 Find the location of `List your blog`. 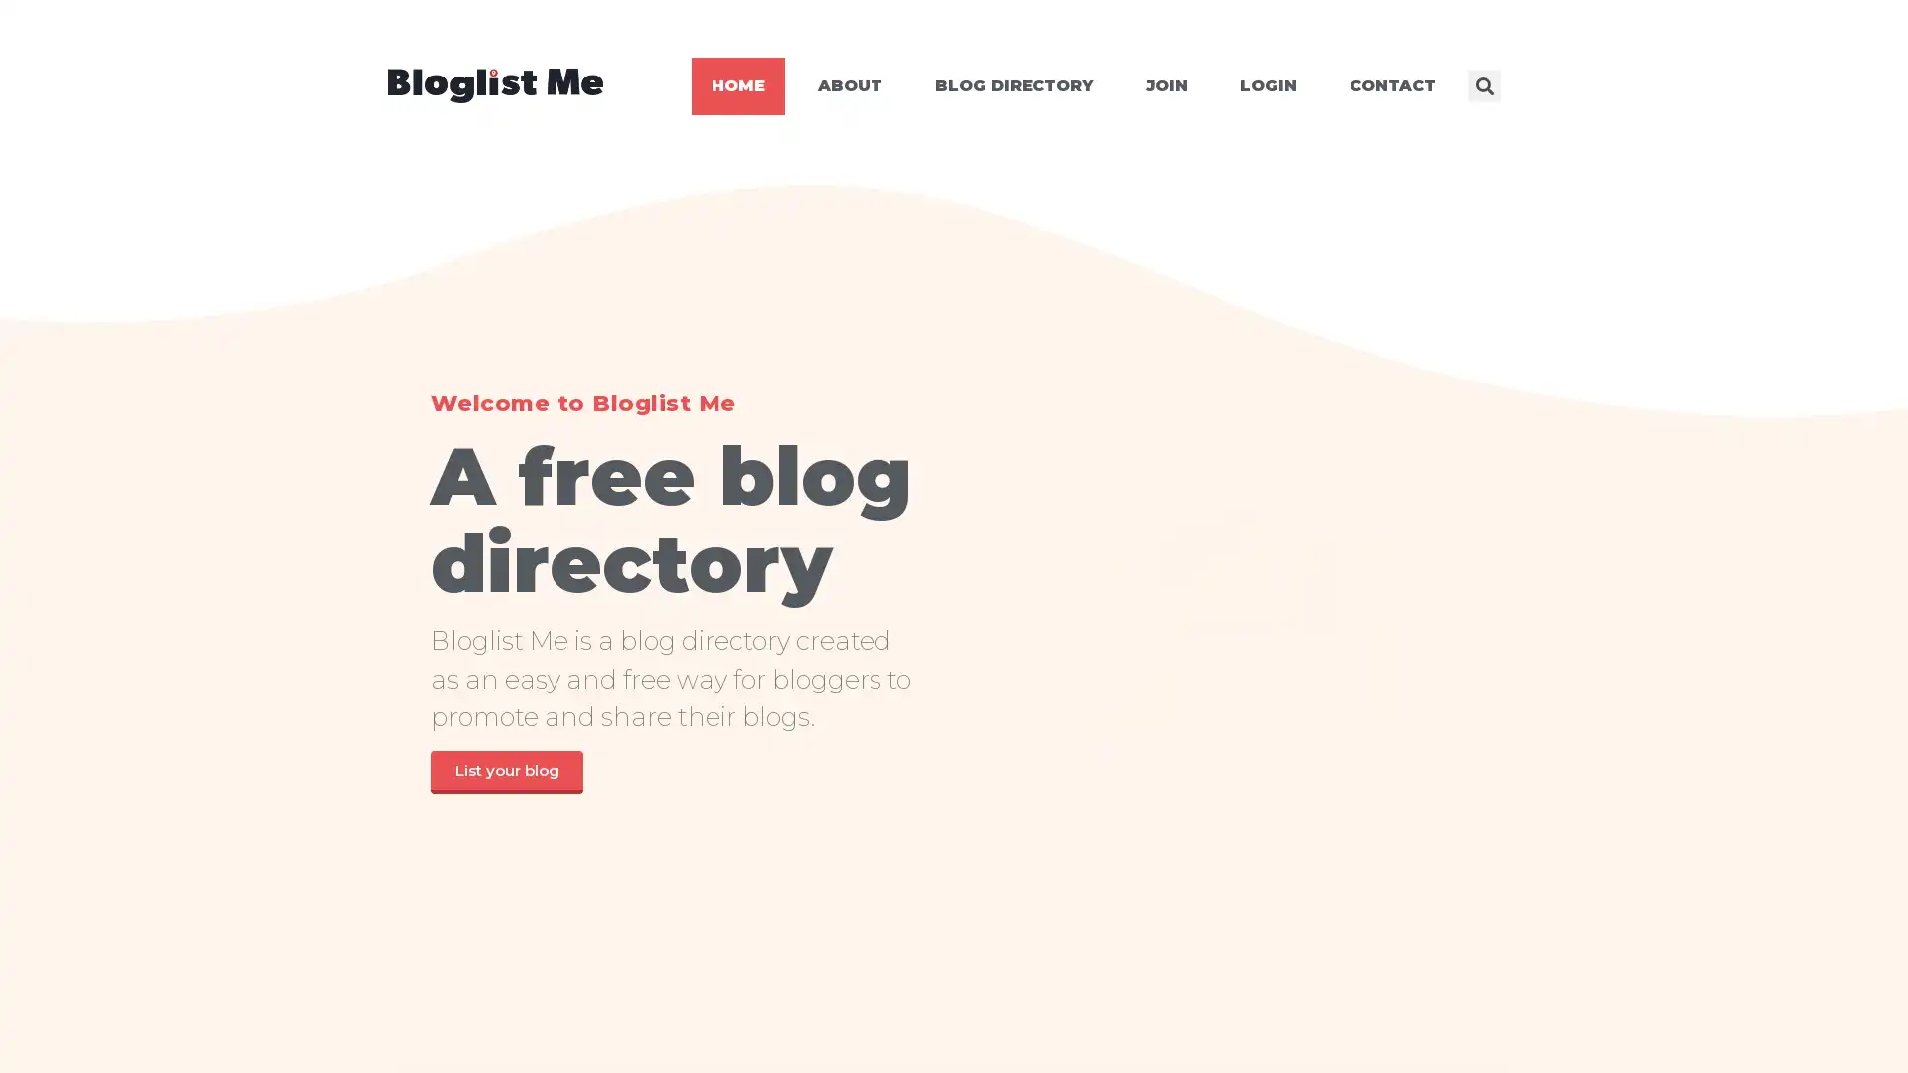

List your blog is located at coordinates (506, 770).